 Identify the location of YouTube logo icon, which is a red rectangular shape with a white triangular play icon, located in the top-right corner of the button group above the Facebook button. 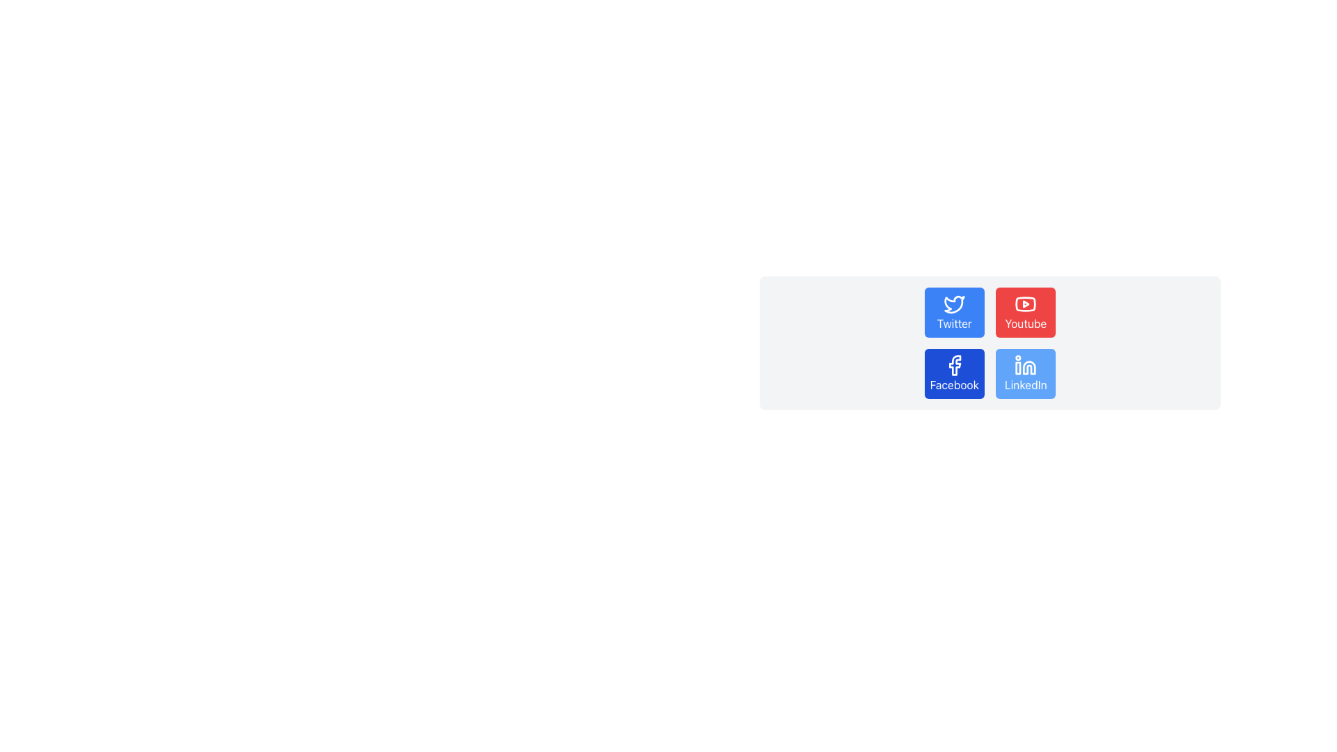
(1026, 303).